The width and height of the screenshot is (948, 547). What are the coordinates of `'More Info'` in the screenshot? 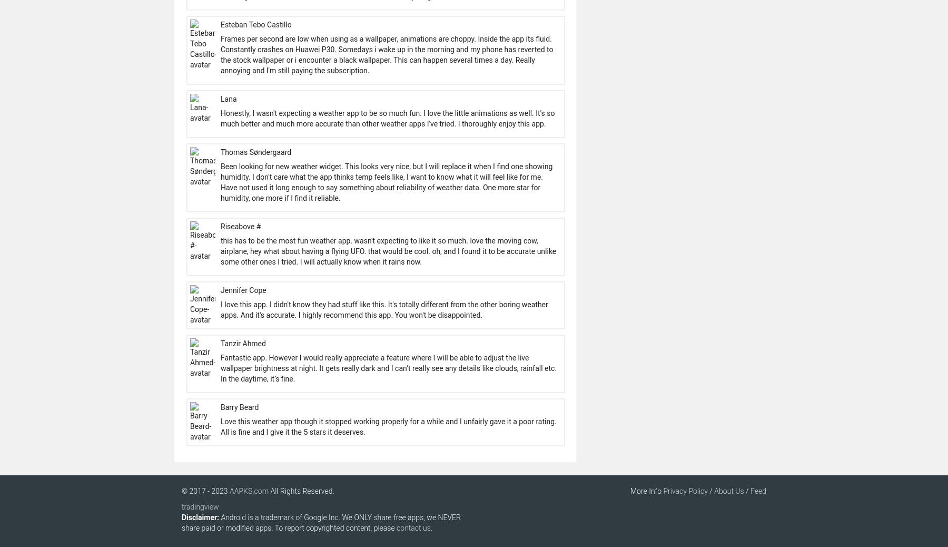 It's located at (646, 491).